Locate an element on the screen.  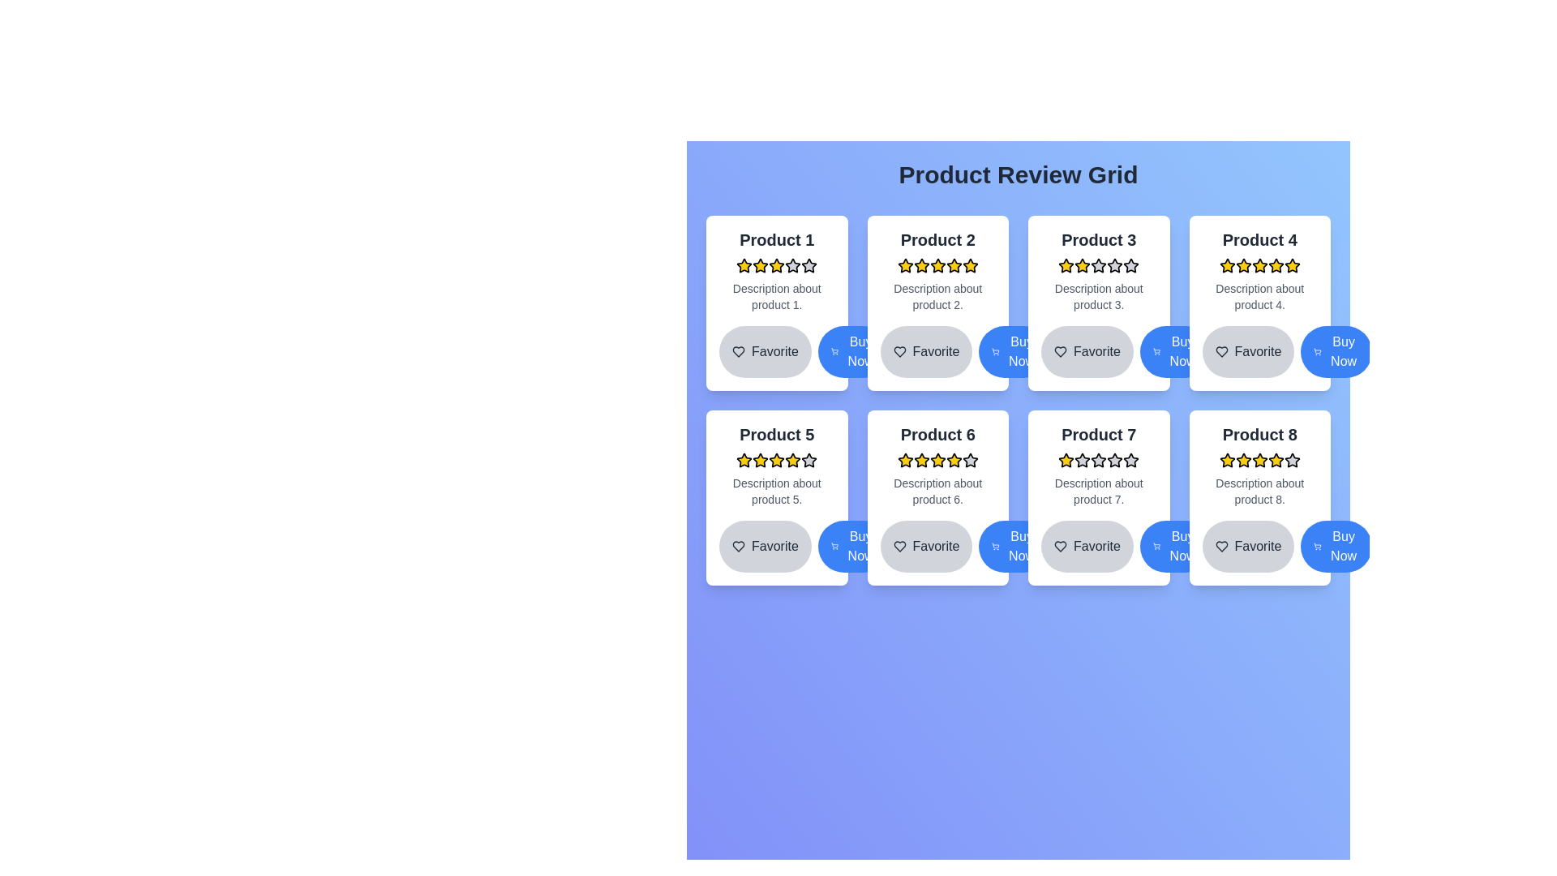
second star icon in the rating system for 'Product 2' located in the first row and second column of the grid is located at coordinates (904, 264).